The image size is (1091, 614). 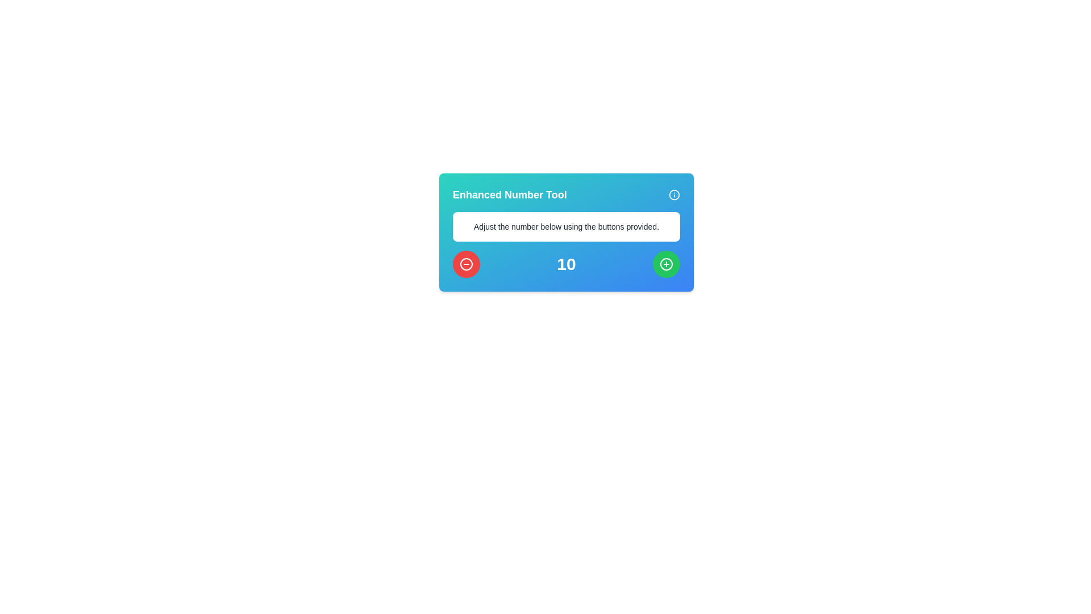 I want to click on the numerical value display located centrally between a red button on the left and a green button on the right, so click(x=567, y=264).